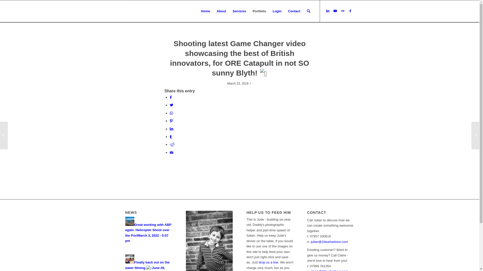 The image size is (483, 271). I want to click on 'drop us a line', so click(268, 262).